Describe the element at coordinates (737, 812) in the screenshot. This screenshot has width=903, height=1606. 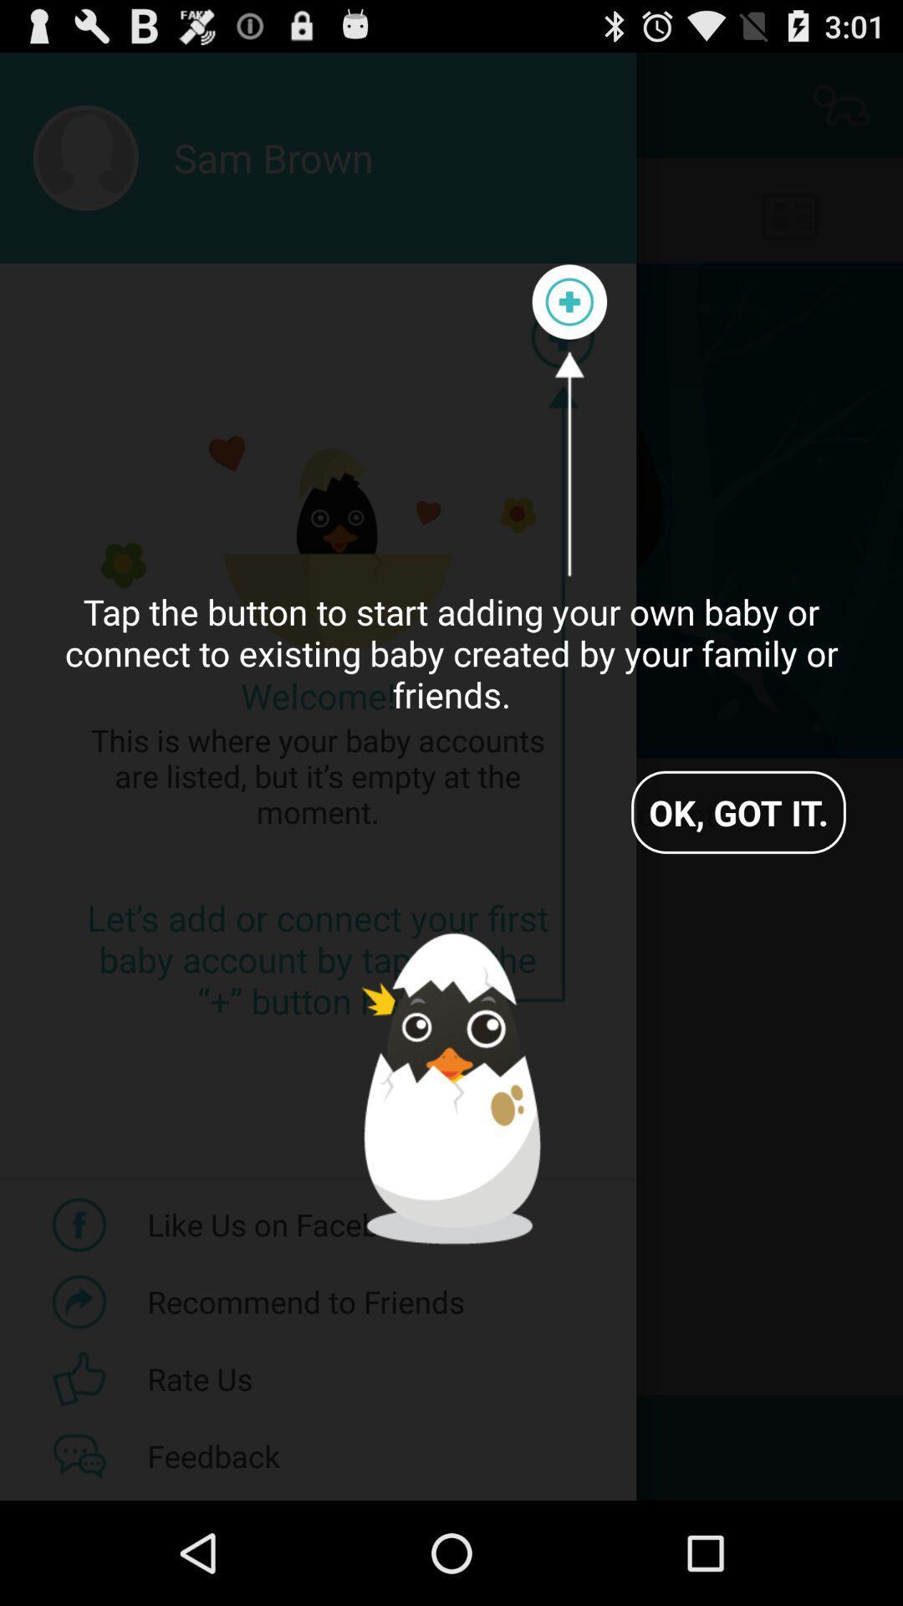
I see `the ok, got it.` at that location.